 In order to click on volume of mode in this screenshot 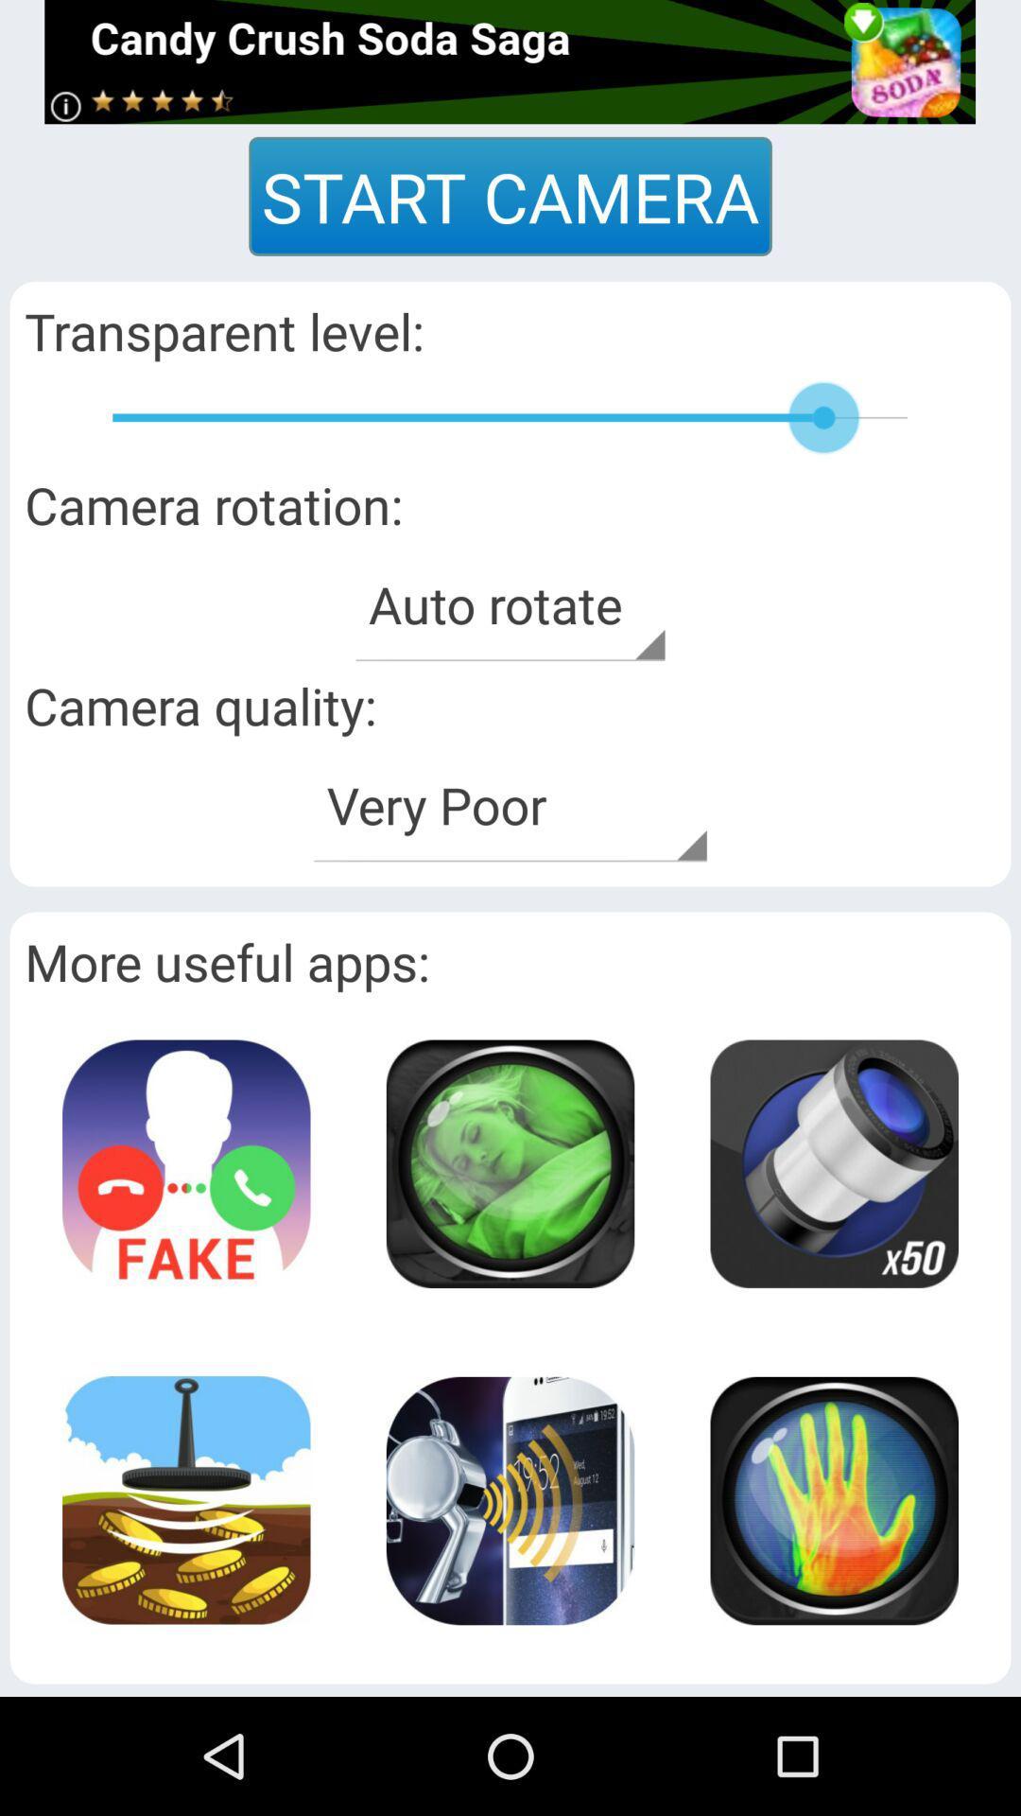, I will do `click(509, 1499)`.